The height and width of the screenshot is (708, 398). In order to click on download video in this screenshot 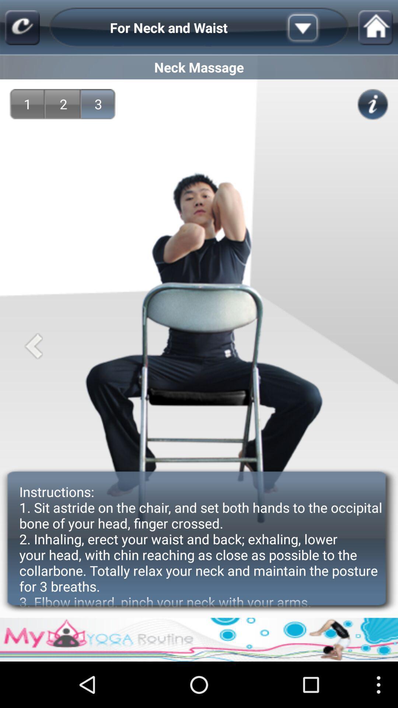, I will do `click(314, 28)`.